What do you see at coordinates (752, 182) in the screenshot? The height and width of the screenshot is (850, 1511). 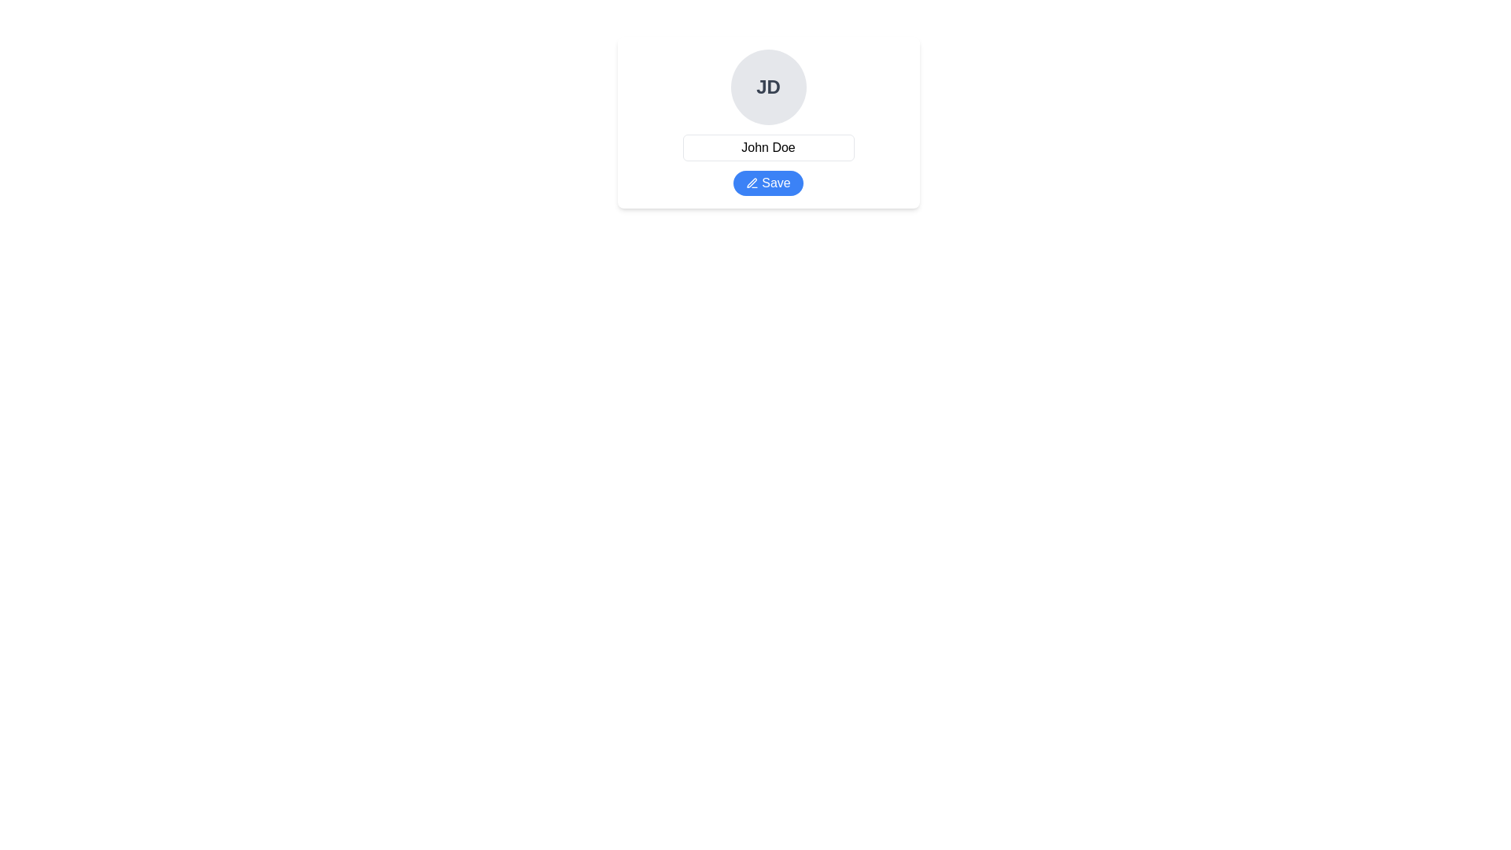 I see `the small pencil-like icon on the left side of the 'Save' button, which is centrally located under the name 'John Doe'` at bounding box center [752, 182].